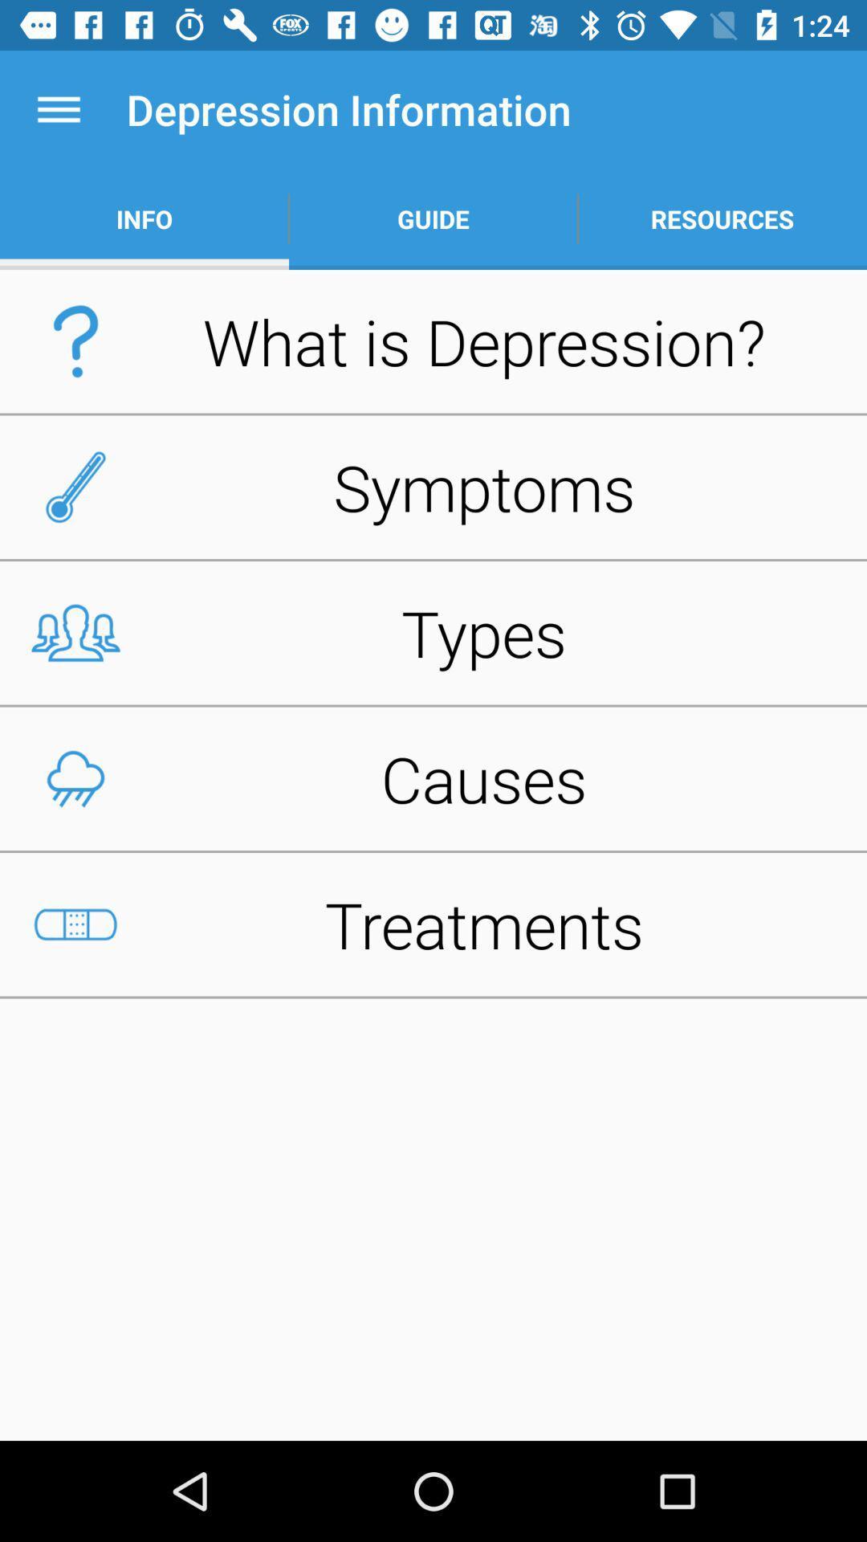 This screenshot has height=1542, width=867. Describe the element at coordinates (433, 218) in the screenshot. I see `the icon above what is depression? icon` at that location.